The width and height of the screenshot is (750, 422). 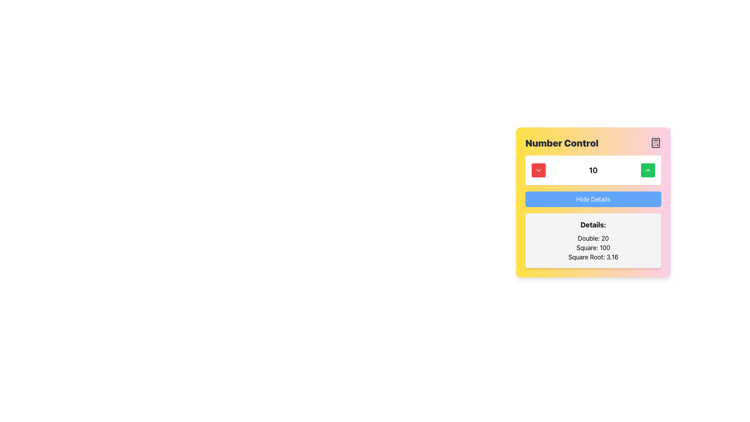 I want to click on the informational Text Block displaying computed values related to a number, located in the bottom section of the 'Details:' box, so click(x=593, y=247).